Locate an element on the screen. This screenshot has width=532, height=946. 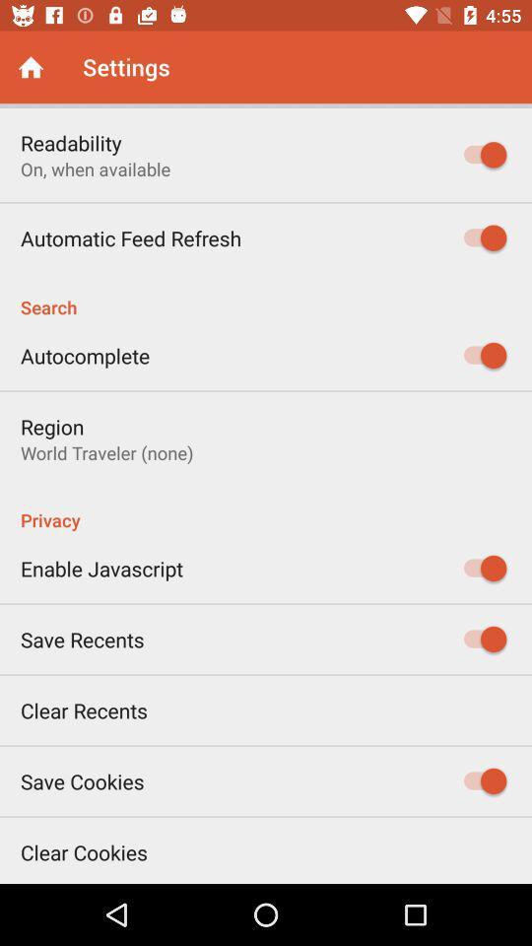
icon below the on, when available item is located at coordinates (131, 236).